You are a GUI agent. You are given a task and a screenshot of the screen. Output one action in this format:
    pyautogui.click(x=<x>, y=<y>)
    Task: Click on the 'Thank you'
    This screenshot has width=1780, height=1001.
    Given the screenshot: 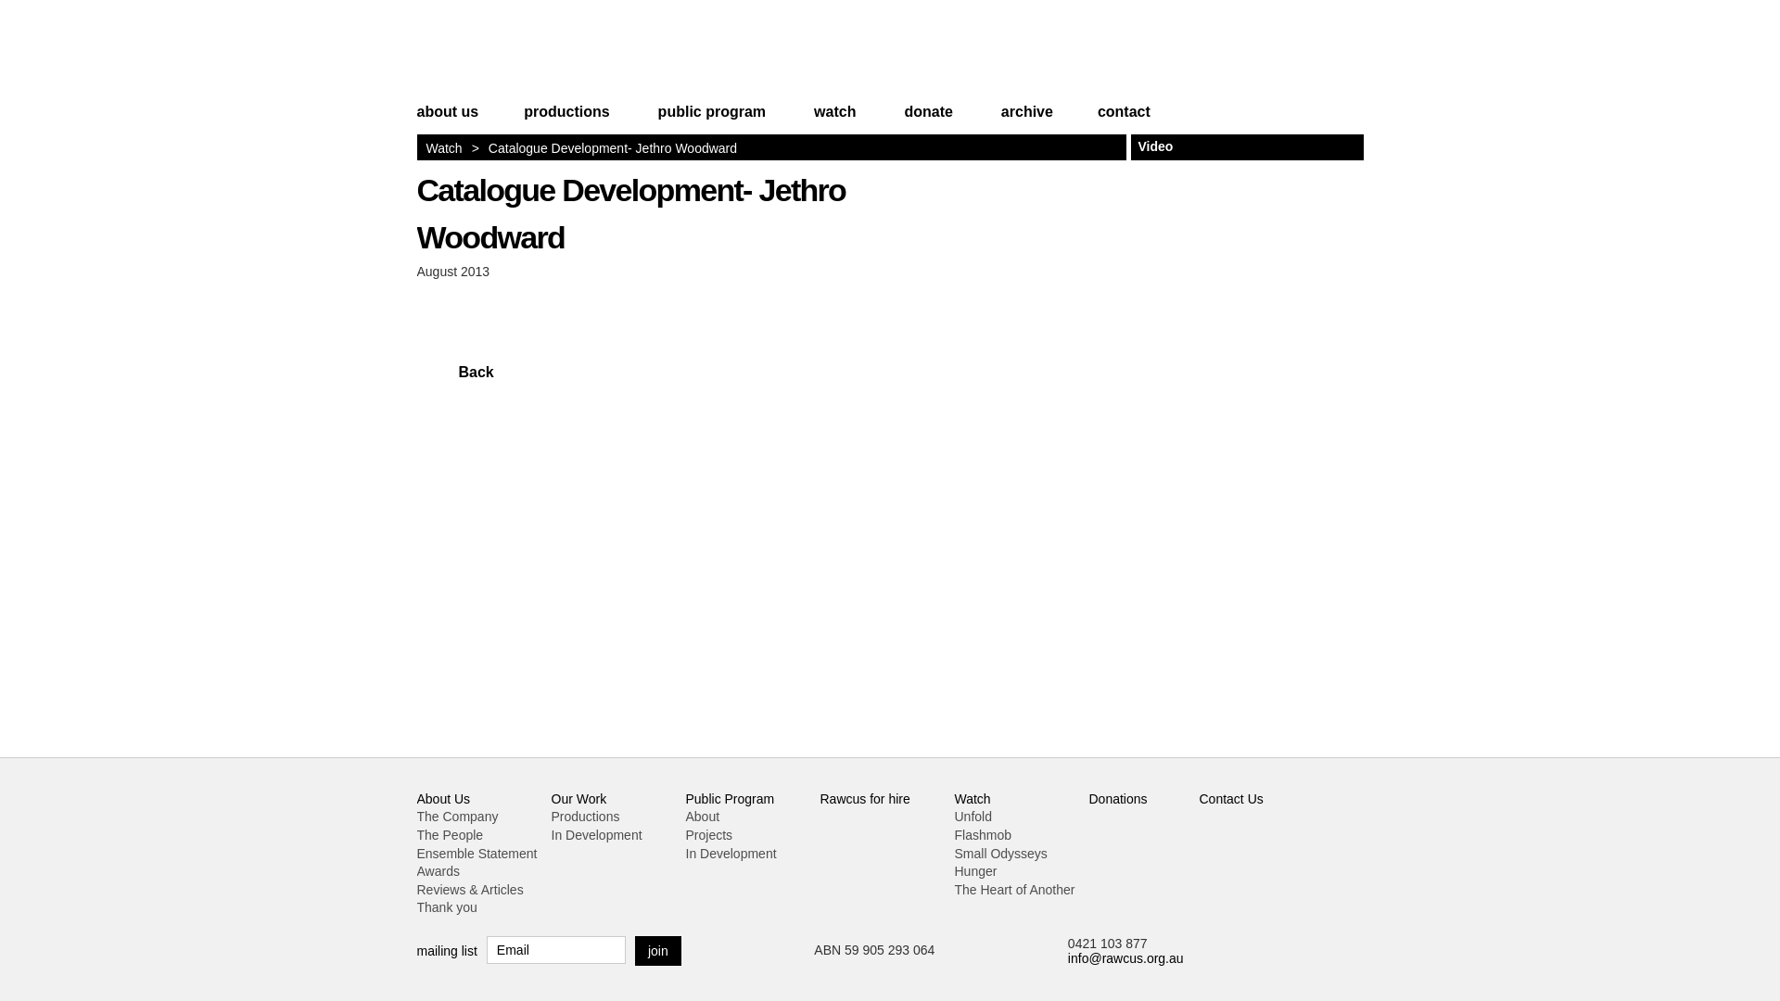 What is the action you would take?
    pyautogui.click(x=447, y=906)
    